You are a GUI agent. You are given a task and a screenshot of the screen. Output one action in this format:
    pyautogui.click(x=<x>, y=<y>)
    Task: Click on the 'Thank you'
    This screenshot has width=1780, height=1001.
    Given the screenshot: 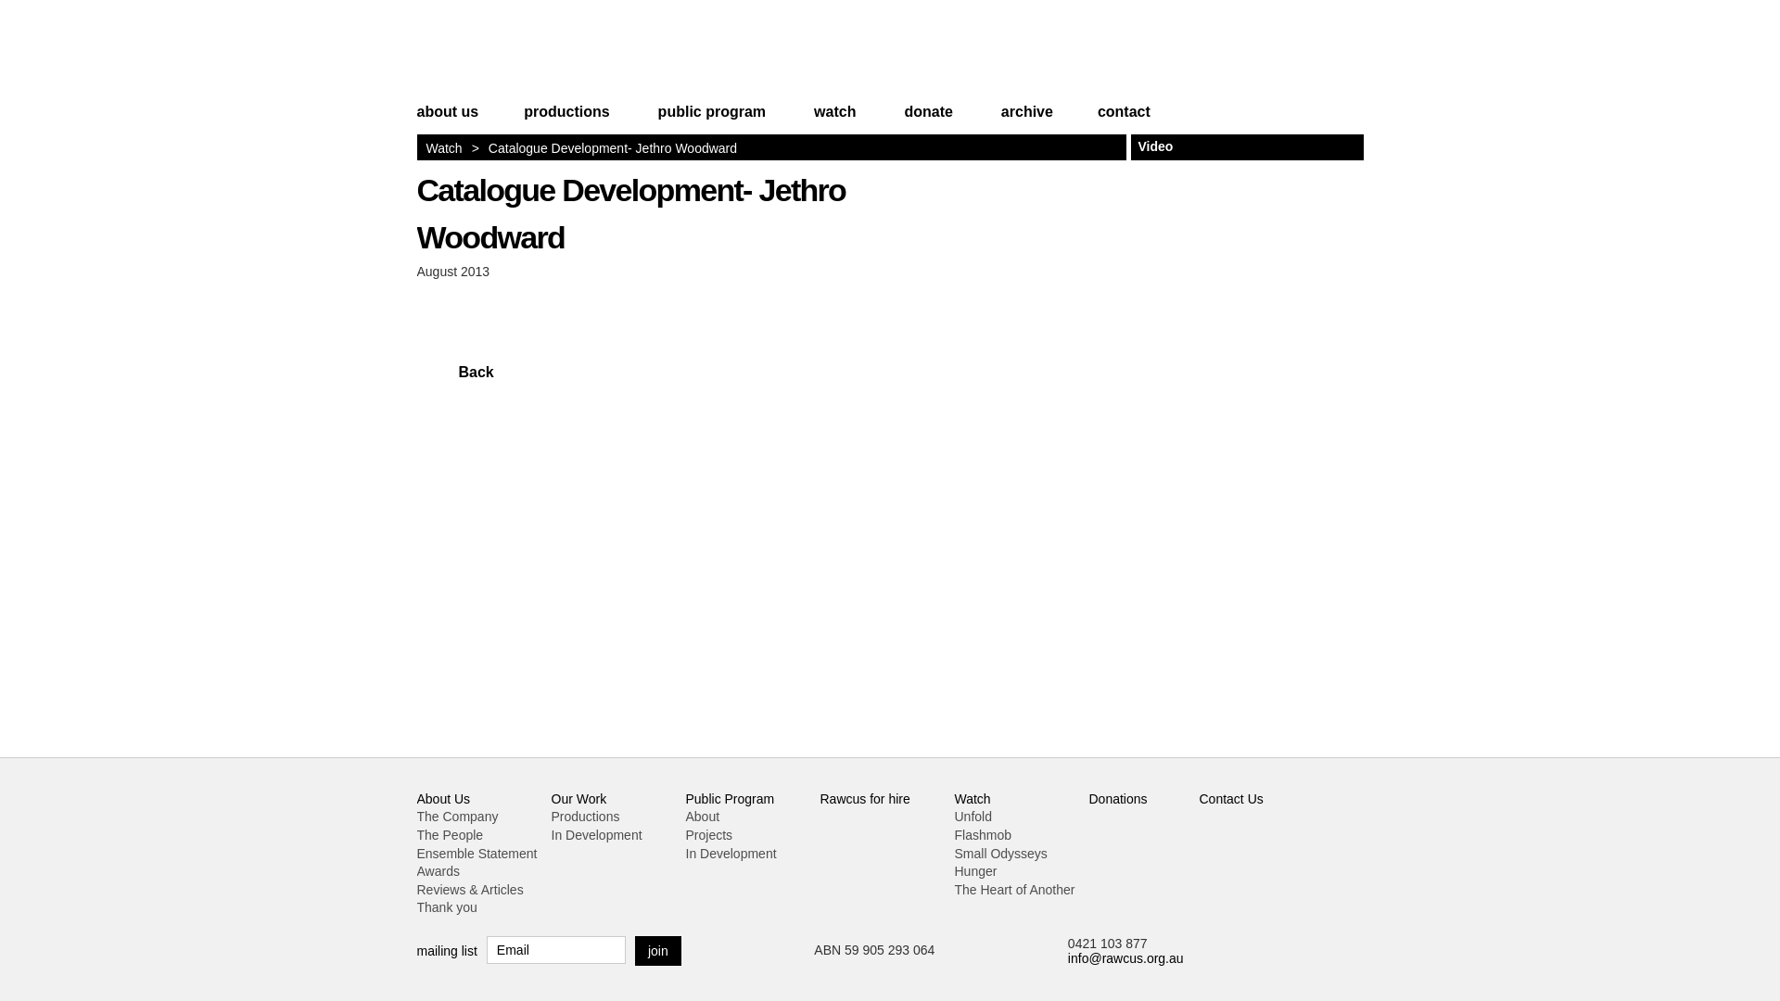 What is the action you would take?
    pyautogui.click(x=447, y=906)
    